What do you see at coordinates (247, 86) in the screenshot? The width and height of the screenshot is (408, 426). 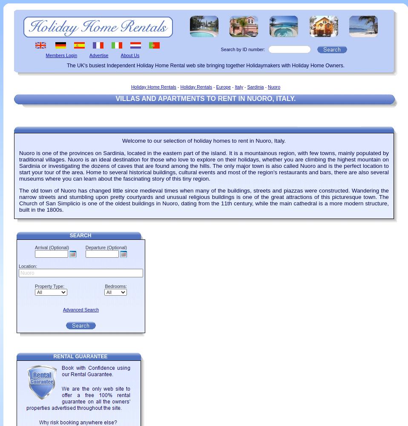 I see `'Sardinia'` at bounding box center [247, 86].